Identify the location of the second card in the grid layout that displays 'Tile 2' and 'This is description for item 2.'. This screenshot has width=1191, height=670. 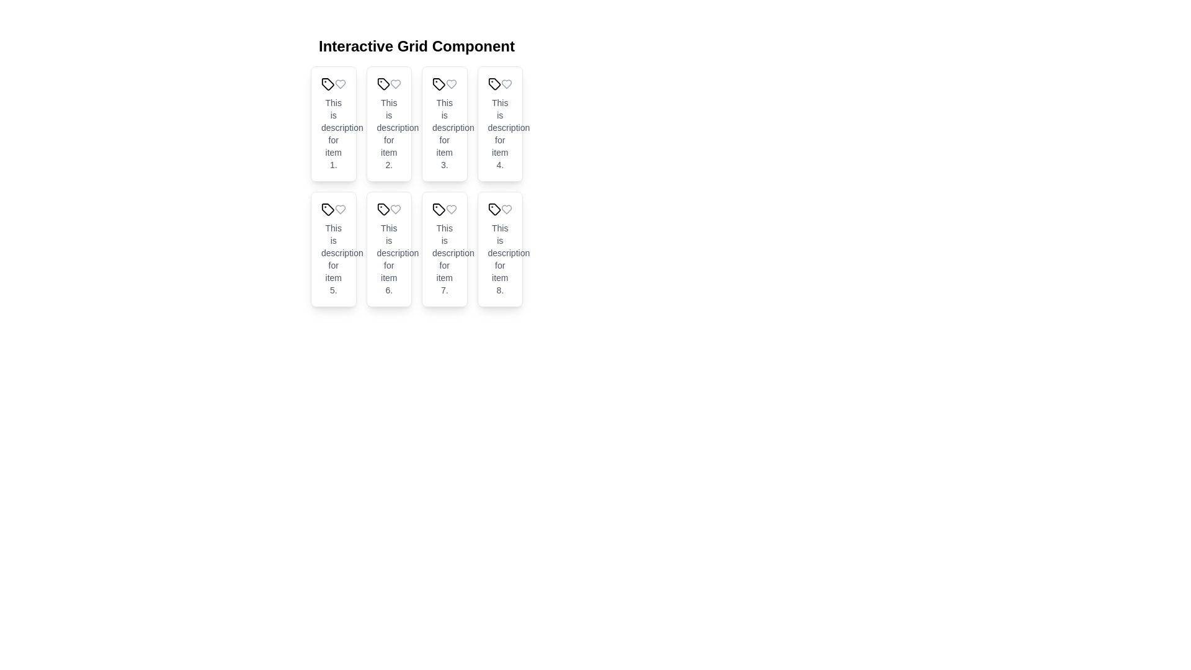
(388, 124).